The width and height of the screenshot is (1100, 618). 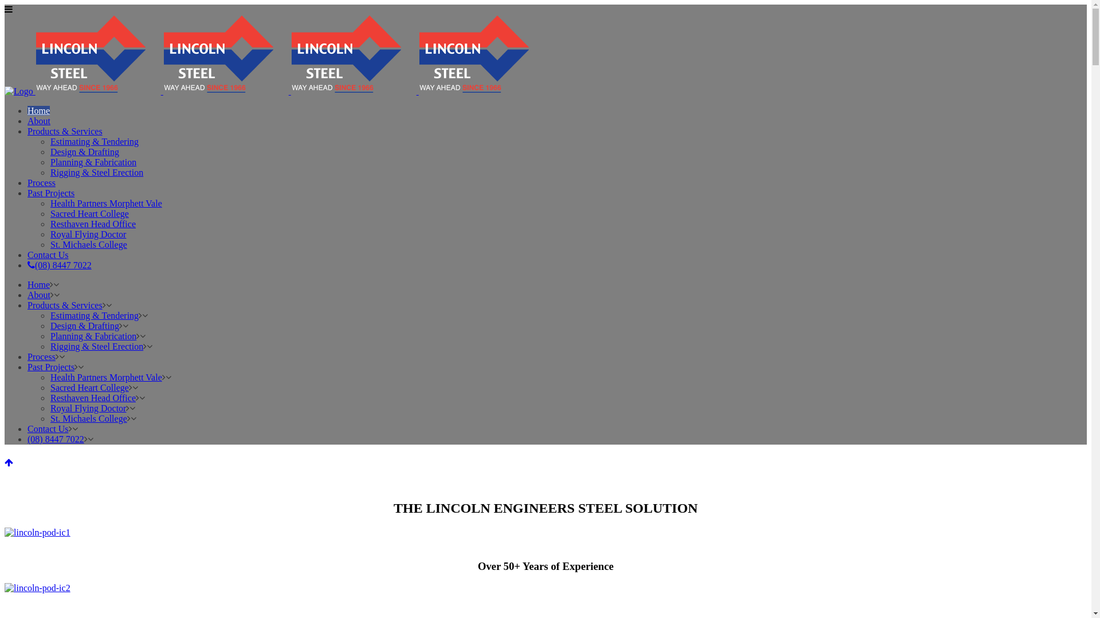 What do you see at coordinates (27, 304) in the screenshot?
I see `'Products & Services'` at bounding box center [27, 304].